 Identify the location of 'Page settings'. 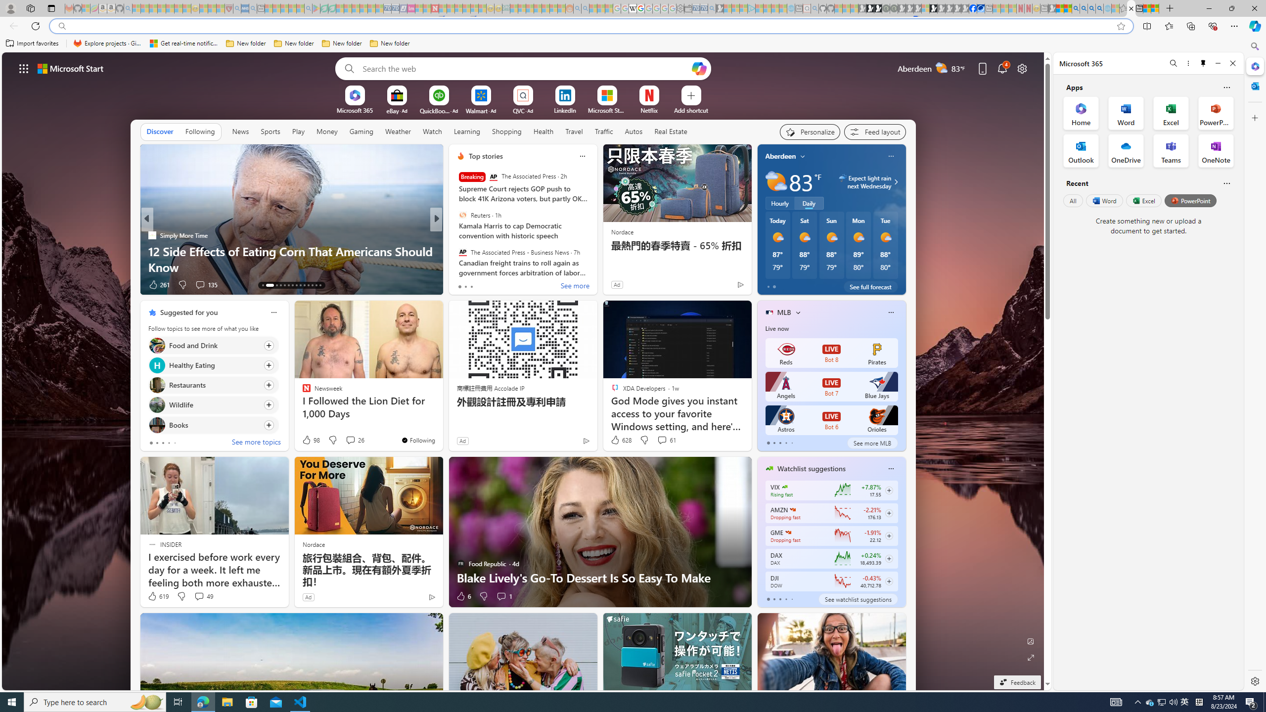
(1022, 68).